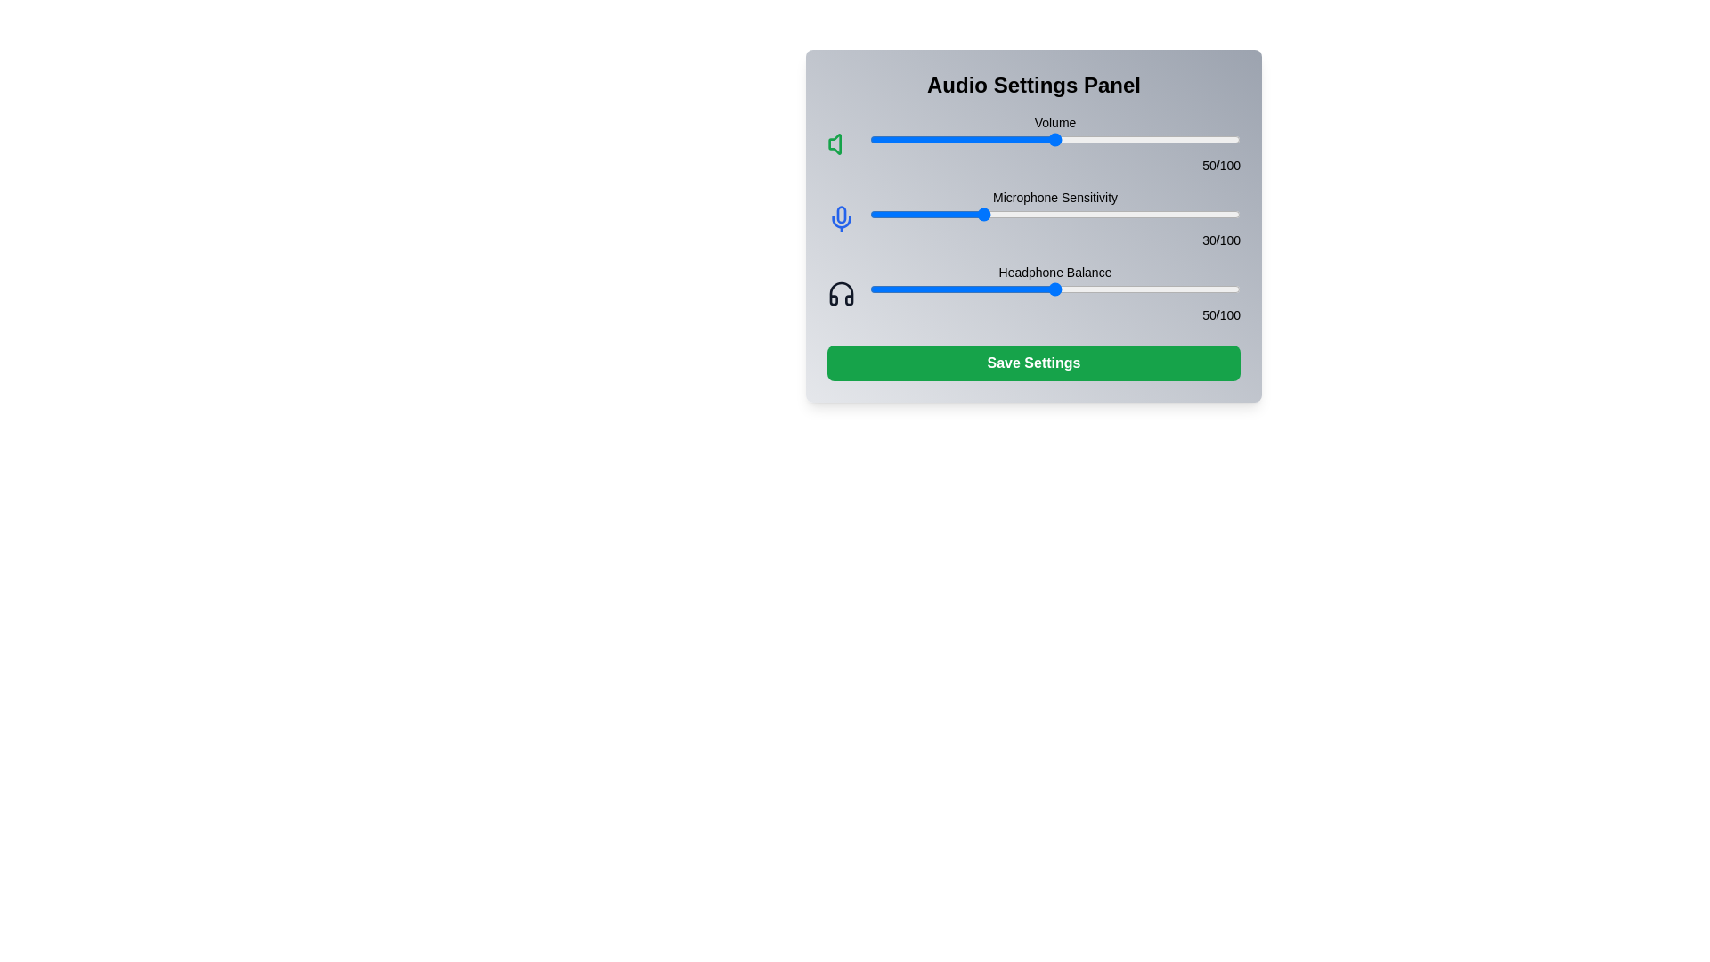 This screenshot has width=1710, height=962. I want to click on the volume slider, so click(1106, 139).